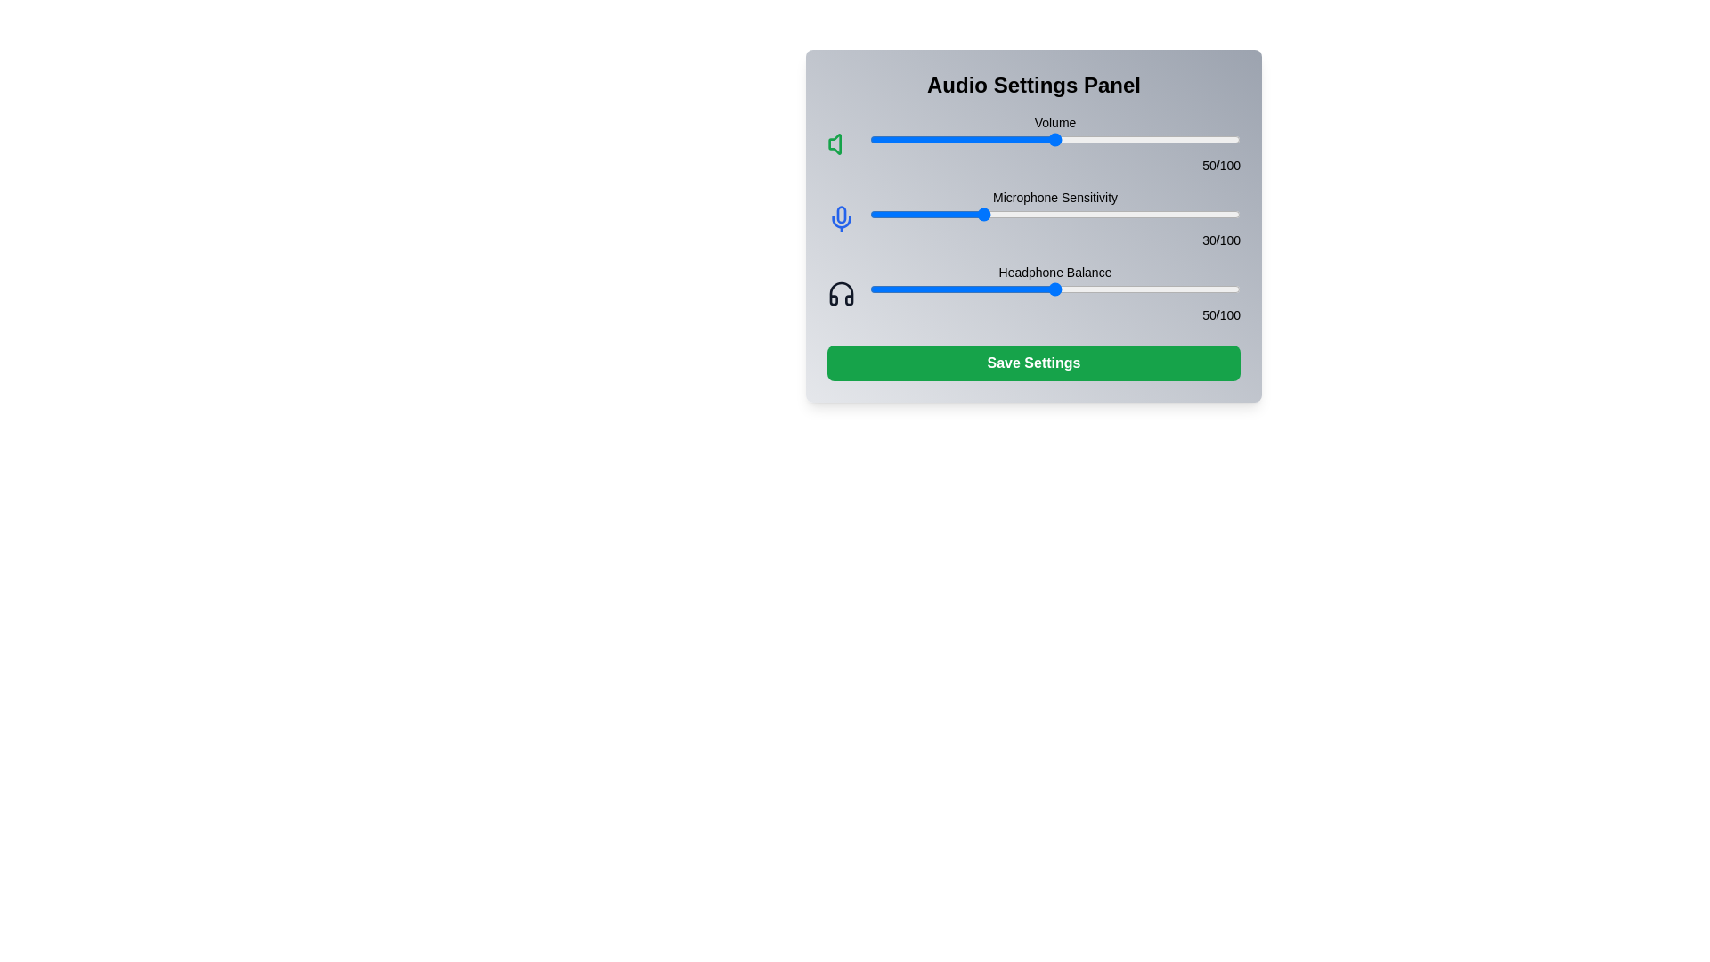 This screenshot has width=1710, height=962. I want to click on the volume slider, so click(1106, 139).